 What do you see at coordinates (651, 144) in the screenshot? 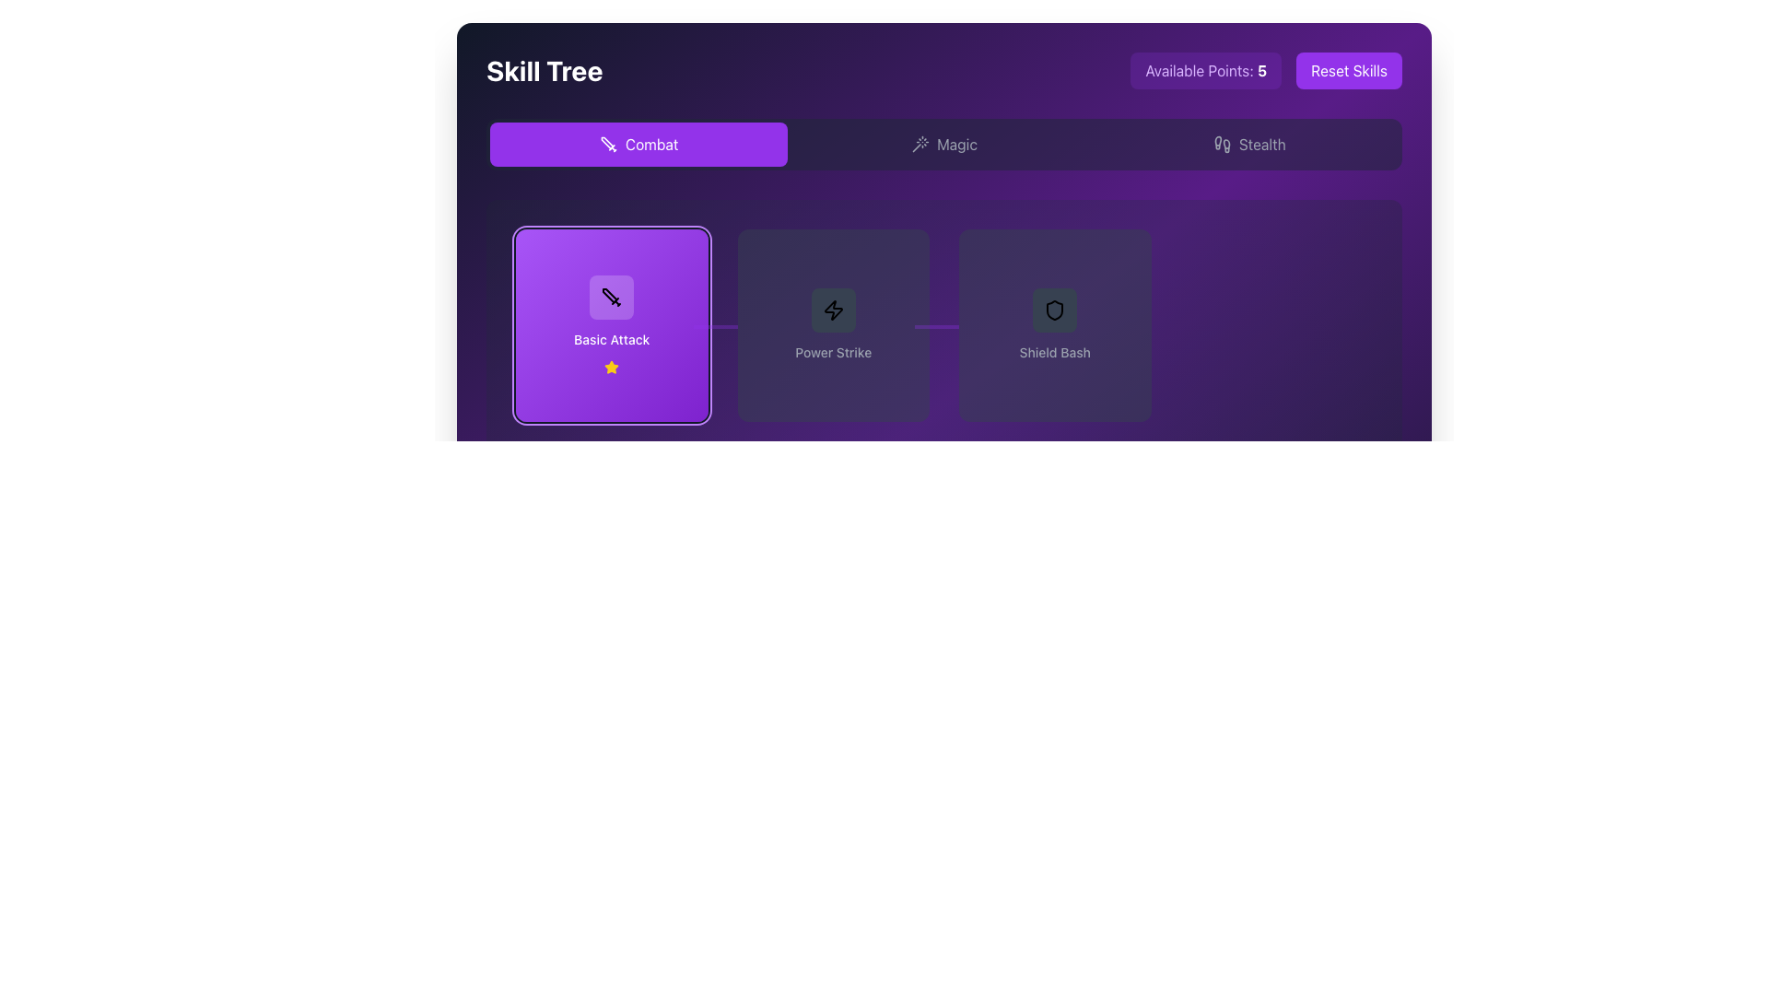
I see `the 'Combat' text label, which is styled in a white sans-serif font on a purple background` at bounding box center [651, 144].